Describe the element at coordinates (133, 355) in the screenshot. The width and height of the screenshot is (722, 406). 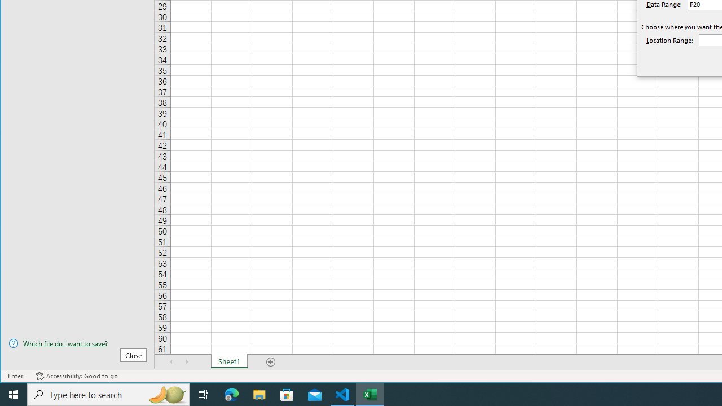
I see `'Close'` at that location.